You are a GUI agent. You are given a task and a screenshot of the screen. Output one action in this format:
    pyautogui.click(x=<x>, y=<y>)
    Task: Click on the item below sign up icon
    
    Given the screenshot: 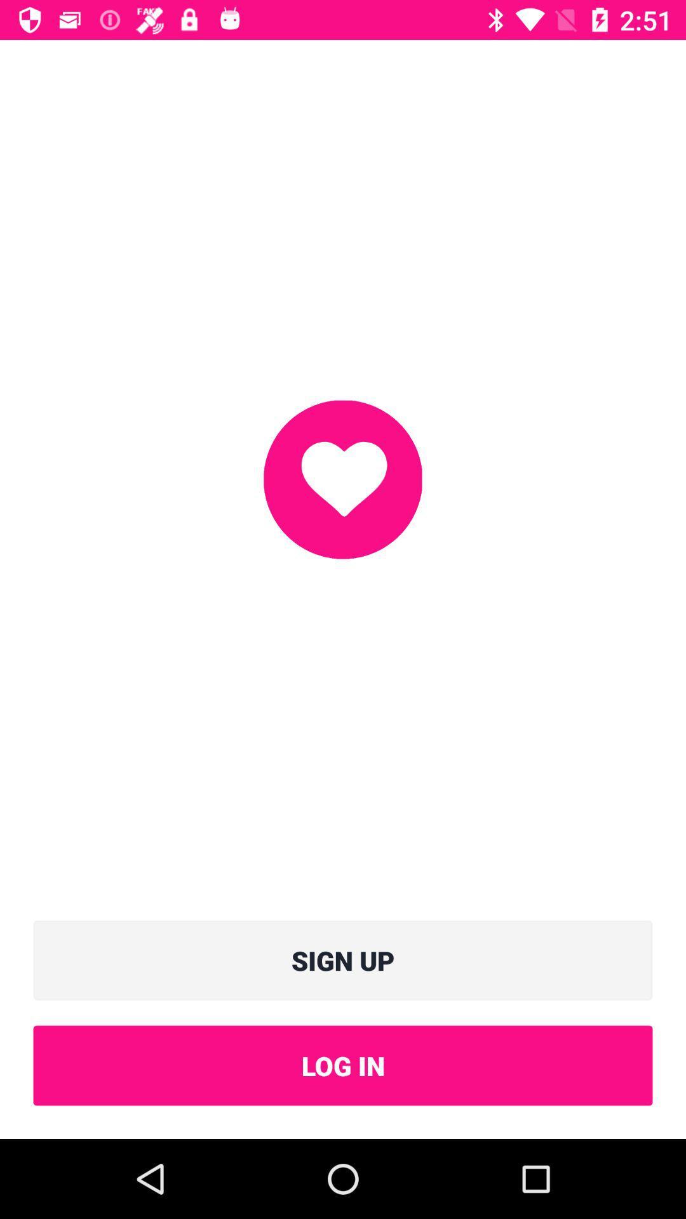 What is the action you would take?
    pyautogui.click(x=343, y=1065)
    